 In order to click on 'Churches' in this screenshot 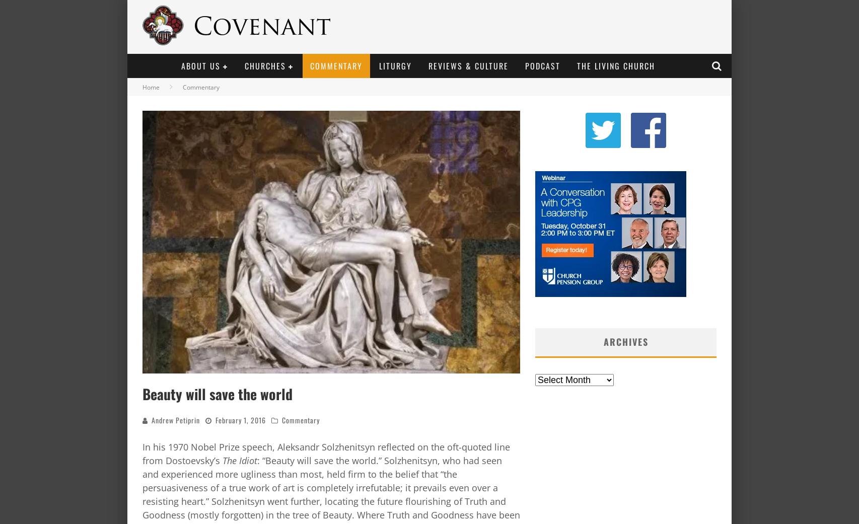, I will do `click(264, 65)`.